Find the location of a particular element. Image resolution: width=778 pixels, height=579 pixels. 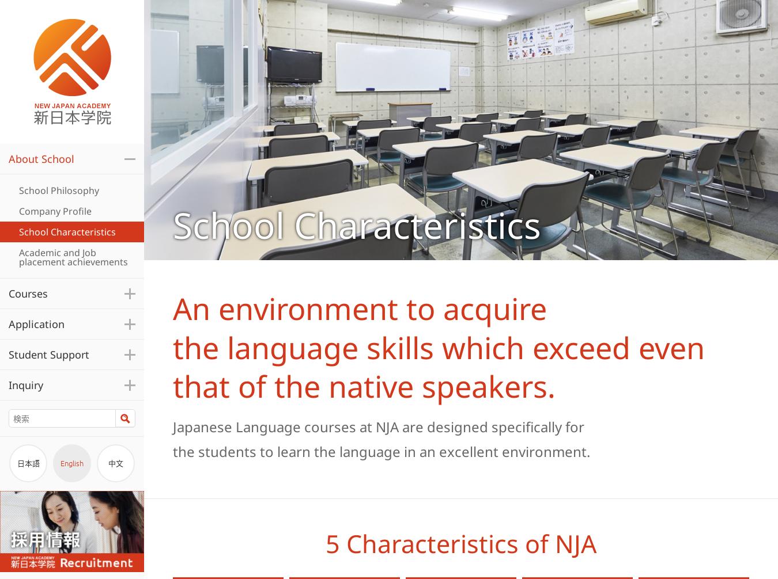

'English' is located at coordinates (72, 462).